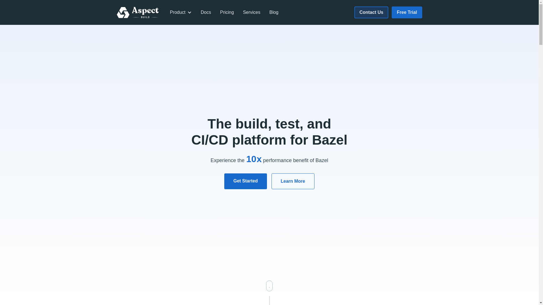 The height and width of the screenshot is (305, 543). Describe the element at coordinates (293, 181) in the screenshot. I see `'Learn More'` at that location.